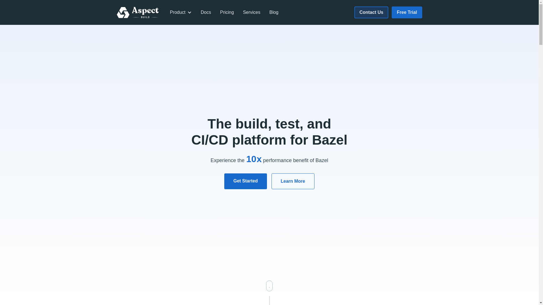 The height and width of the screenshot is (305, 543). Describe the element at coordinates (293, 181) in the screenshot. I see `'Learn More'` at that location.